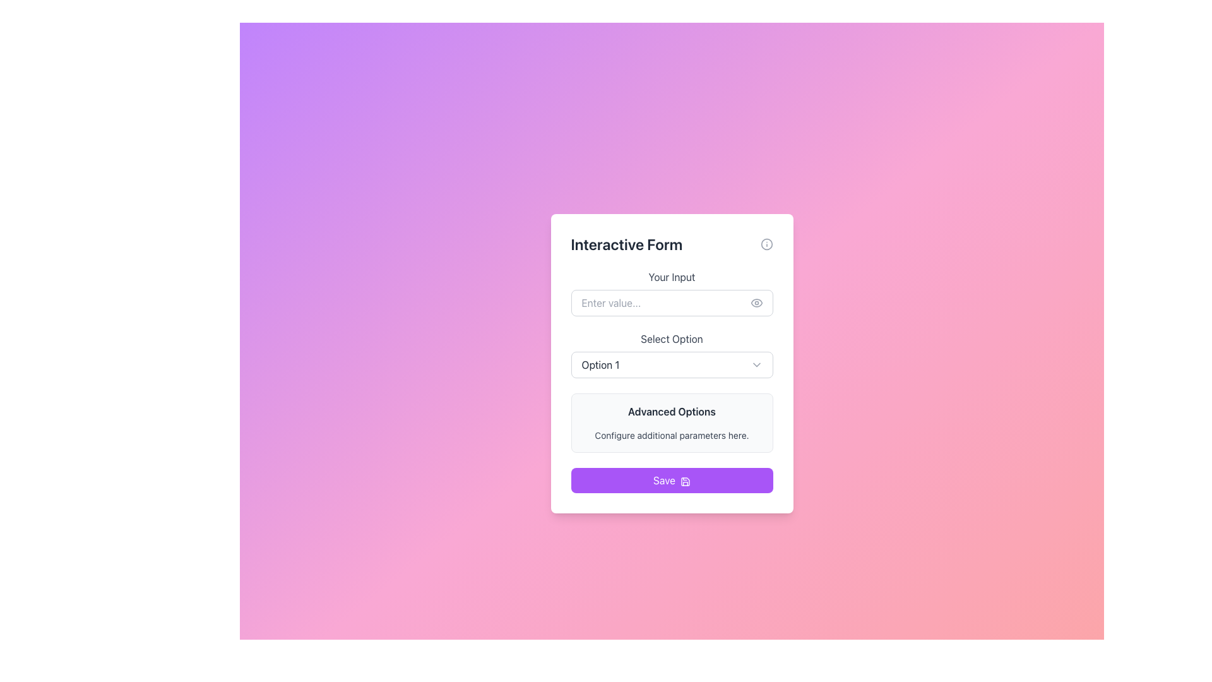  I want to click on the 'Advanced Options' text label, which is displayed in bold, dark gray font and is positioned above the 'Configure additional parameters here' label, so click(671, 411).